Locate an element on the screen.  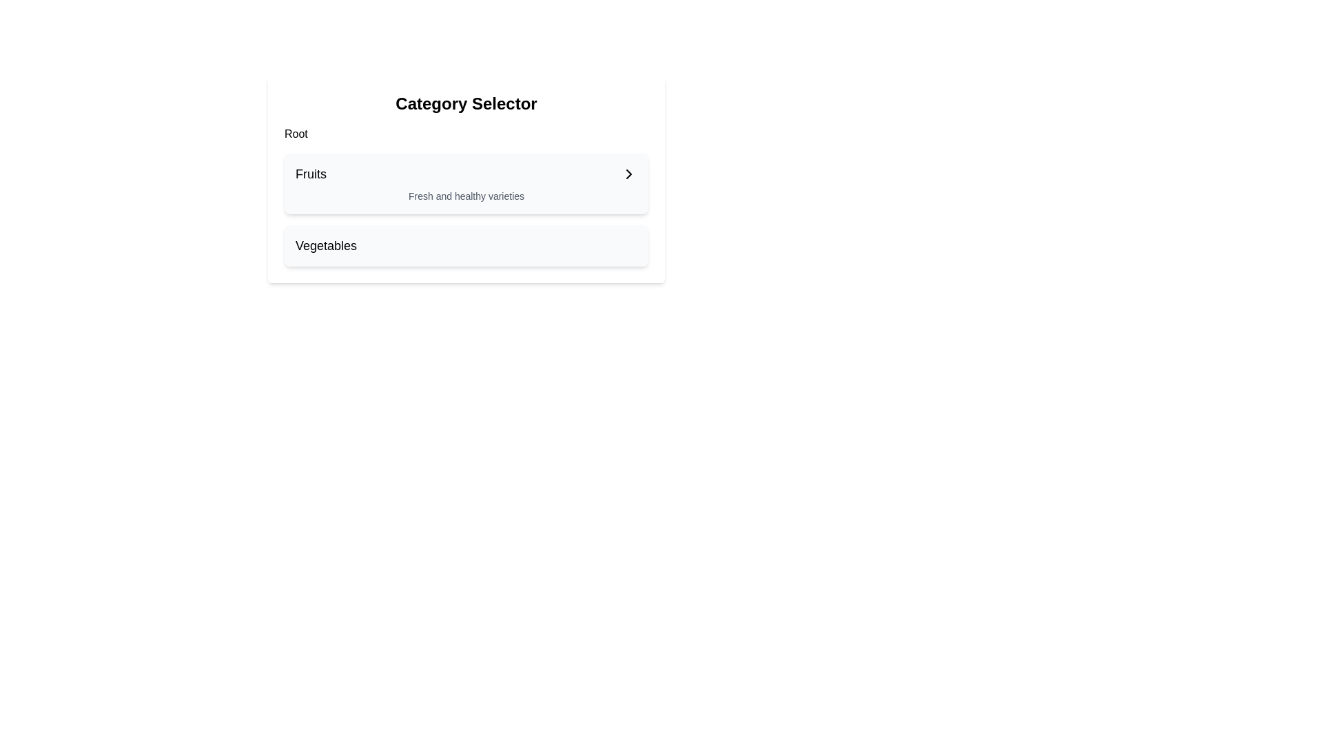
the right-facing chevron-style arrow icon located in the 'Fruits' section of the 'Category Selector' interface is located at coordinates (628, 174).